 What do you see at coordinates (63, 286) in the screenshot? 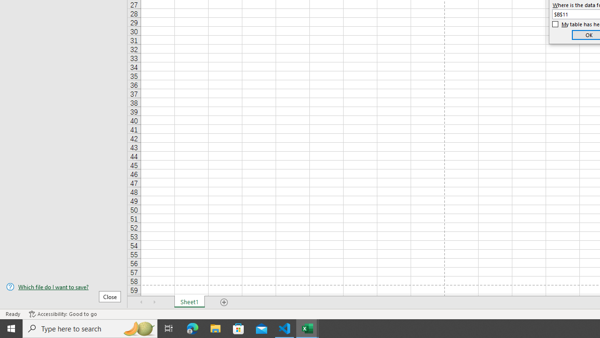
I see `'Which file do I want to save?'` at bounding box center [63, 286].